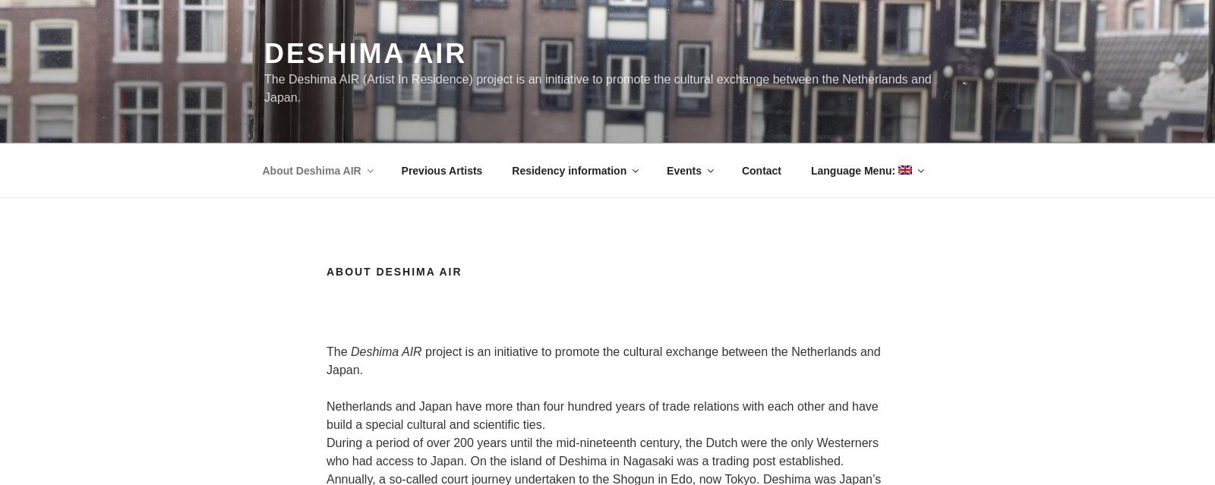 Image resolution: width=1215 pixels, height=485 pixels. I want to click on 'Events', so click(683, 168).